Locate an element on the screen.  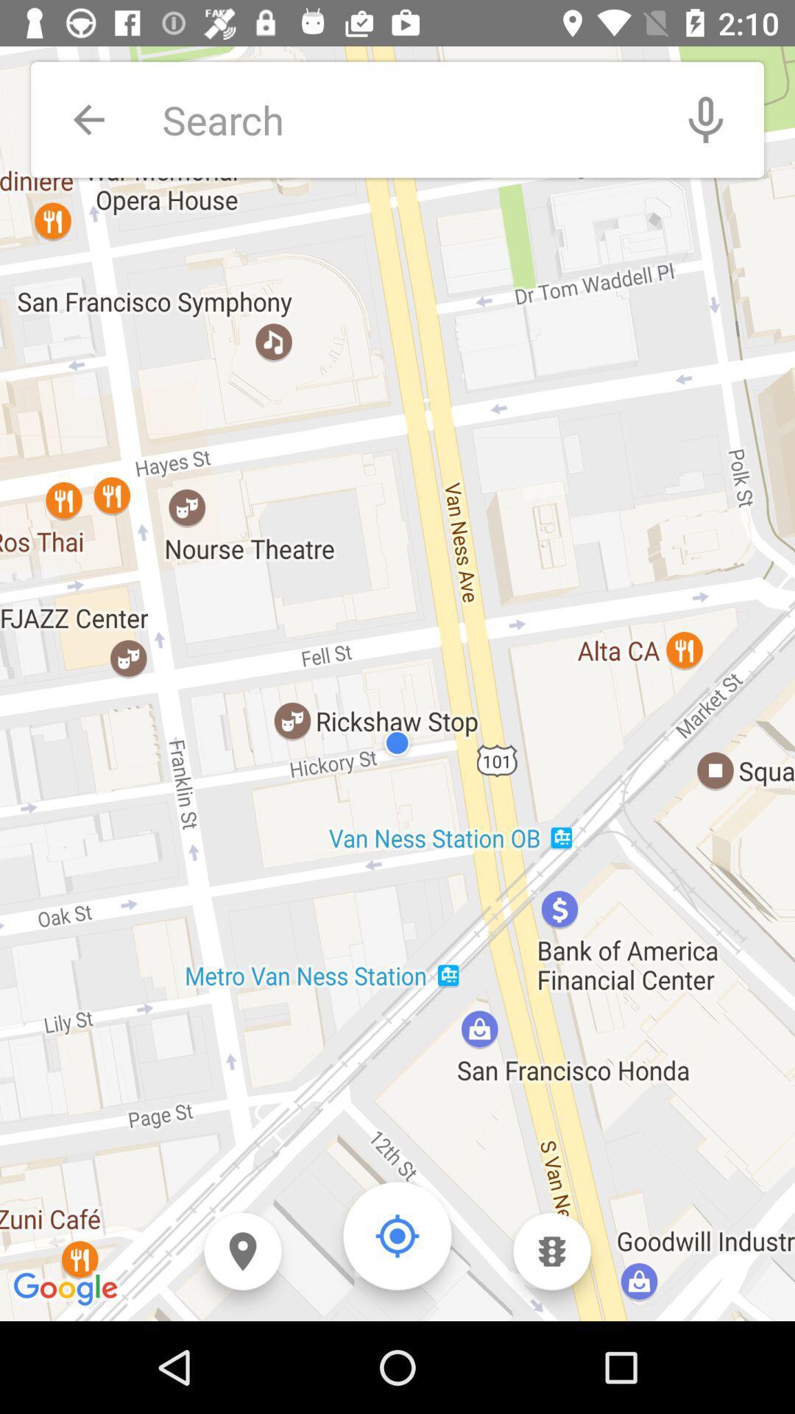
go back is located at coordinates (88, 119).